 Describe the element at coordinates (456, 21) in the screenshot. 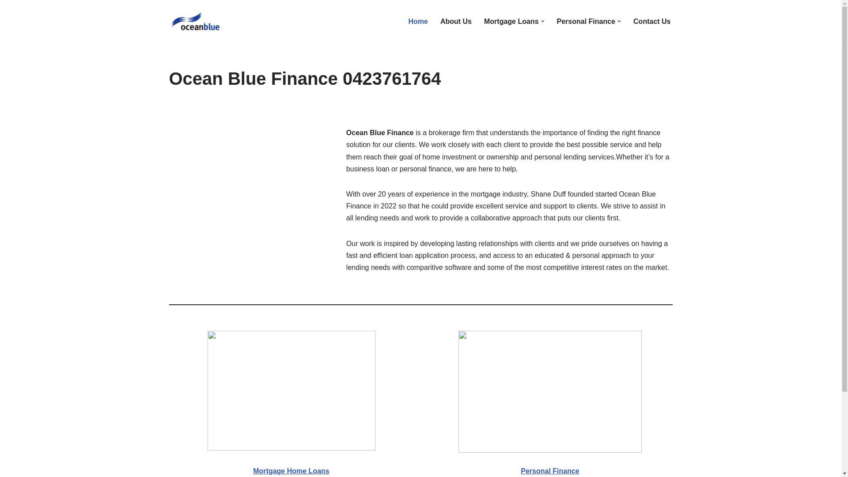

I see `'About Us'` at that location.